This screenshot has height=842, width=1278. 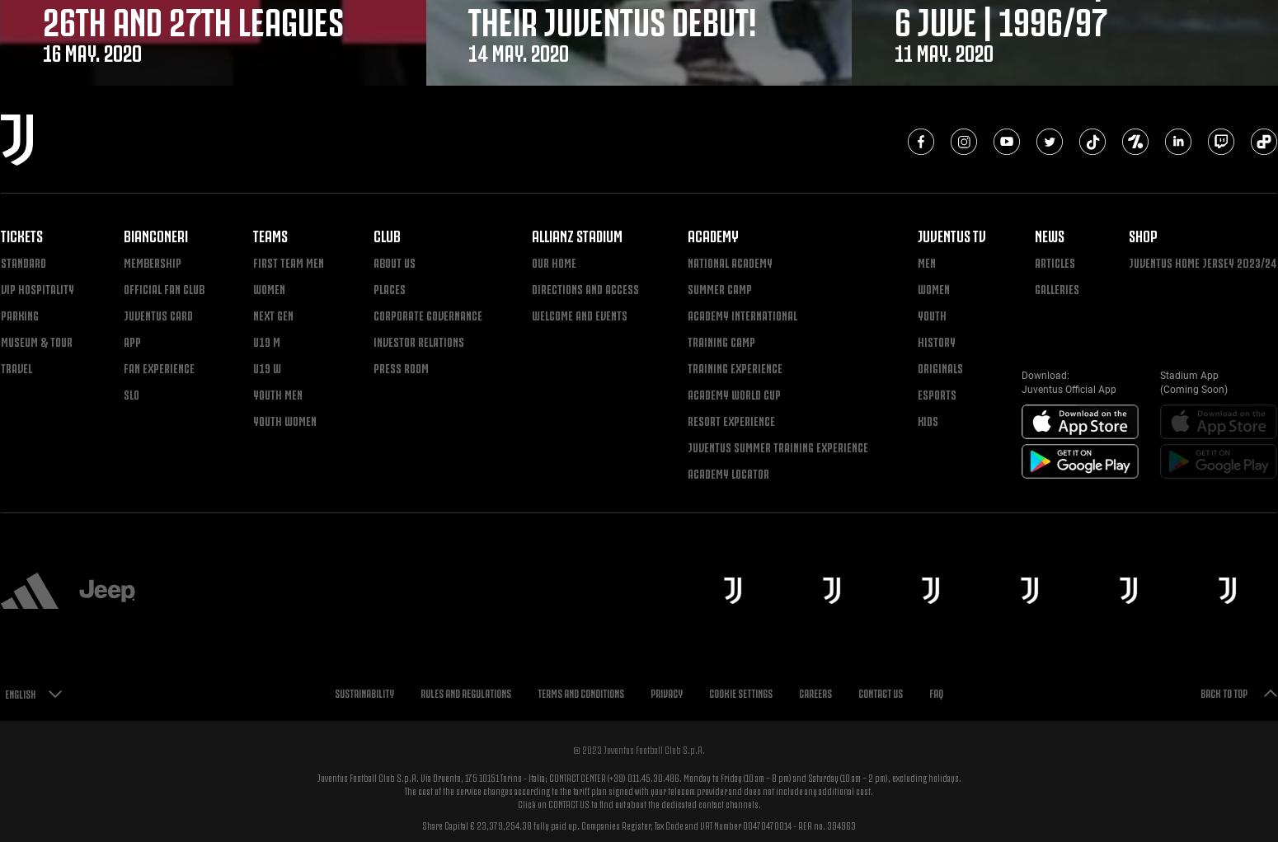 What do you see at coordinates (465, 692) in the screenshot?
I see `'Rules and Regulations'` at bounding box center [465, 692].